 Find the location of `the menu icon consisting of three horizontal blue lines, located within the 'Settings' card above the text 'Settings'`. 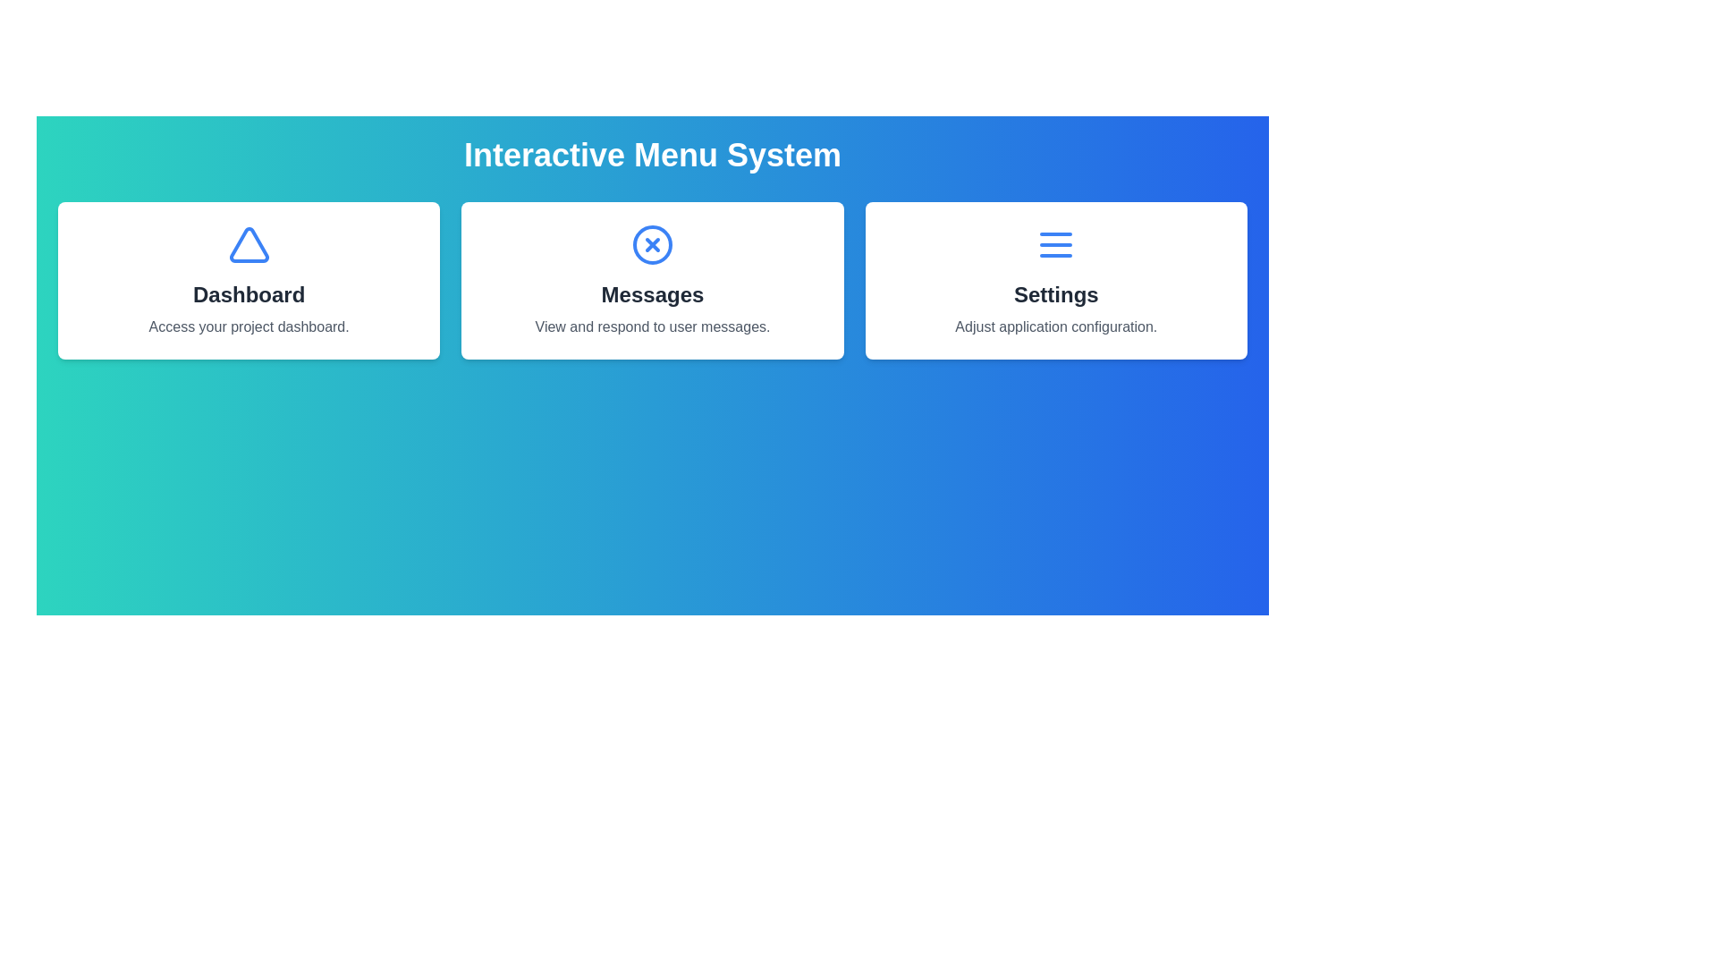

the menu icon consisting of three horizontal blue lines, located within the 'Settings' card above the text 'Settings' is located at coordinates (1056, 244).